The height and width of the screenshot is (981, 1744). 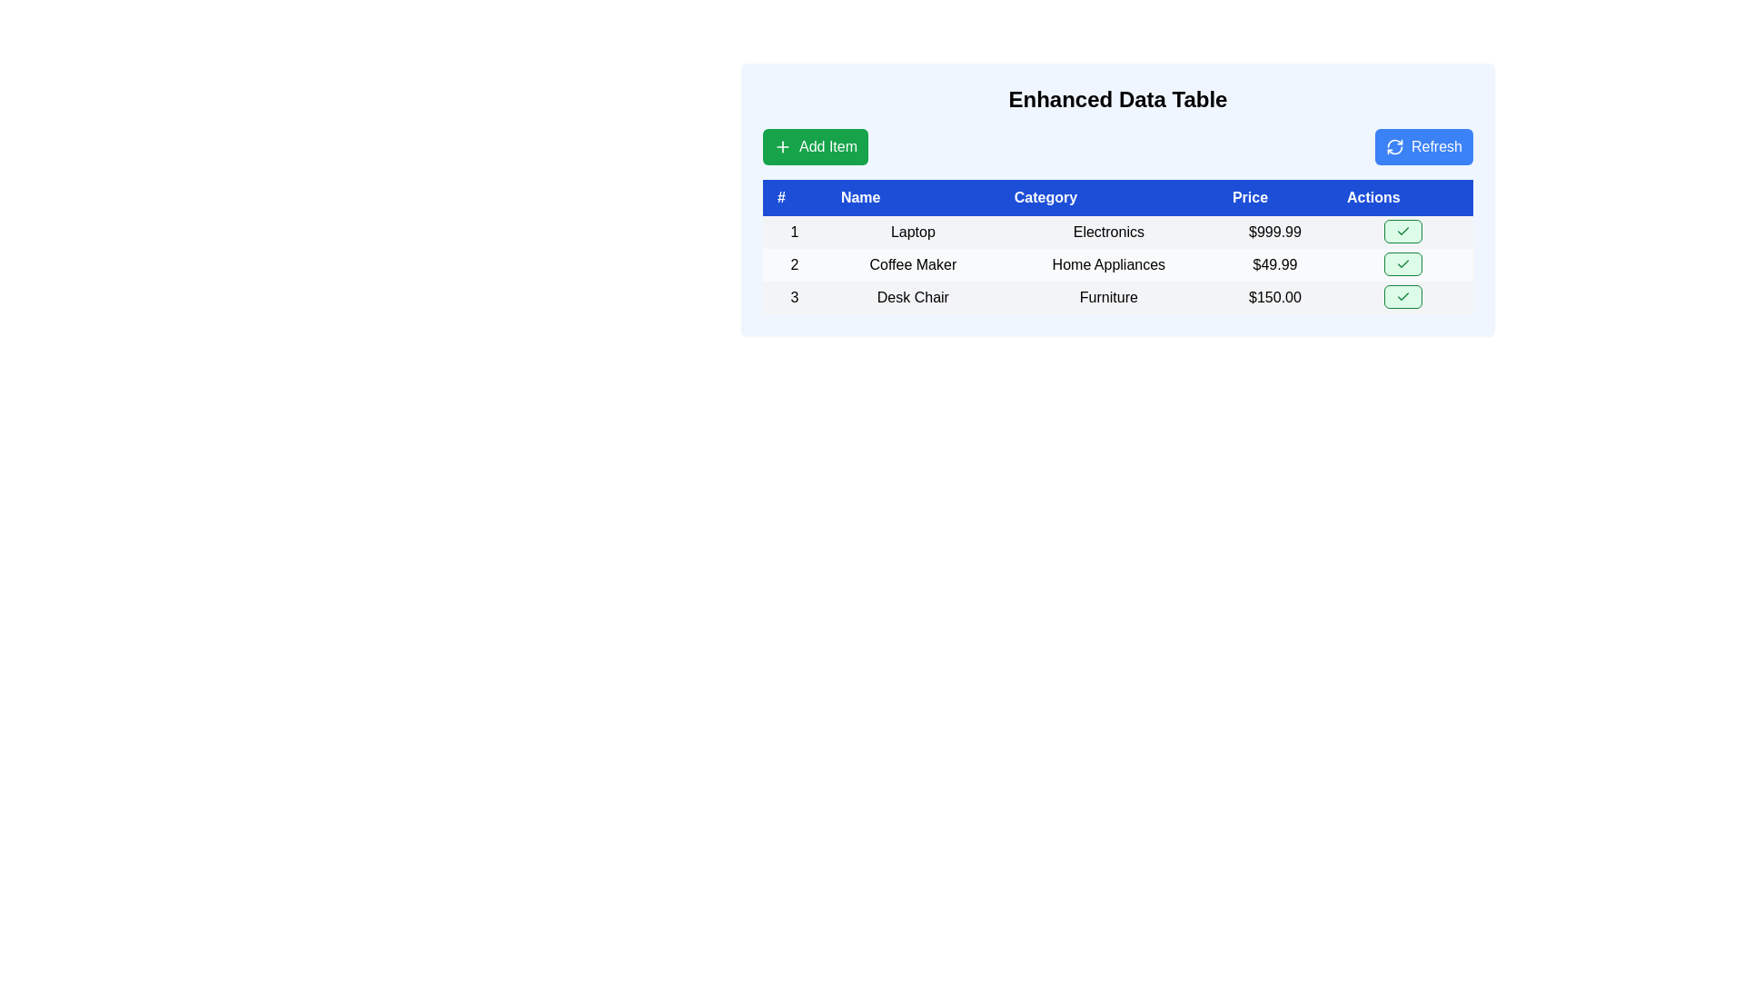 I want to click on the small green checkmark icon within the green button in the 'Actions' column of the third row corresponding to the 'Desk Chair' entry, so click(x=1402, y=296).